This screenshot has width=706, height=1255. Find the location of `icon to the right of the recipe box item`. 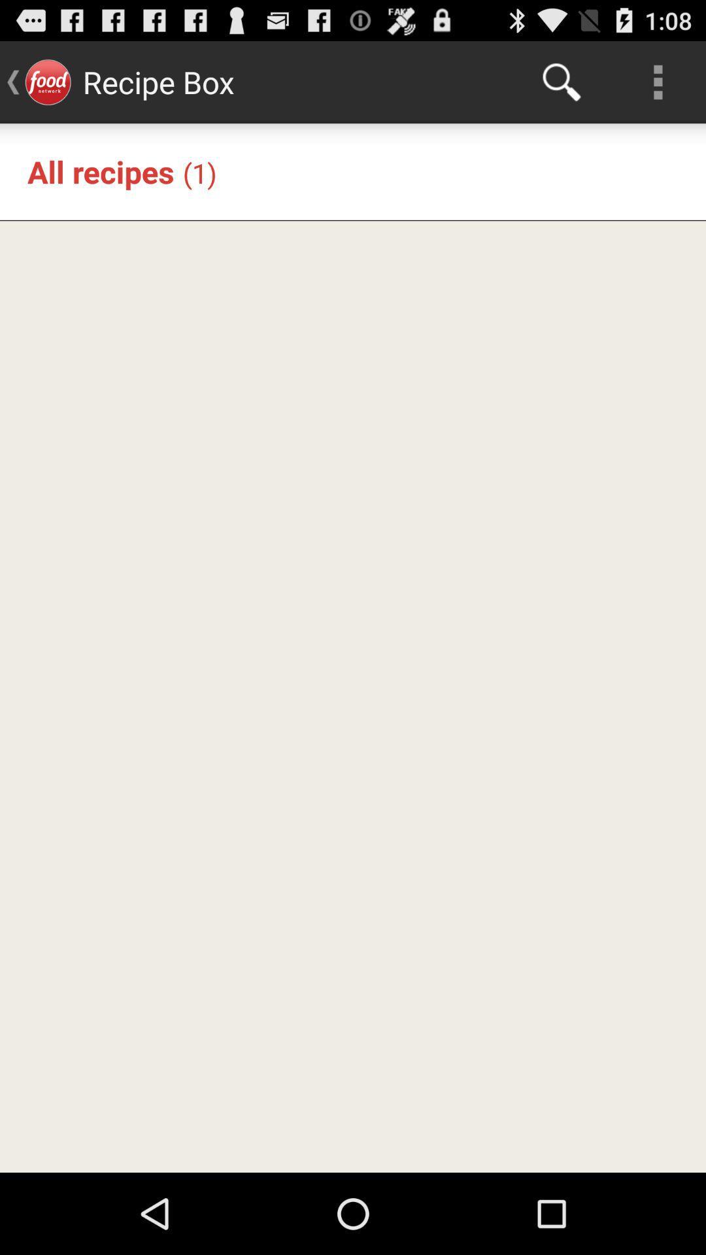

icon to the right of the recipe box item is located at coordinates (561, 81).